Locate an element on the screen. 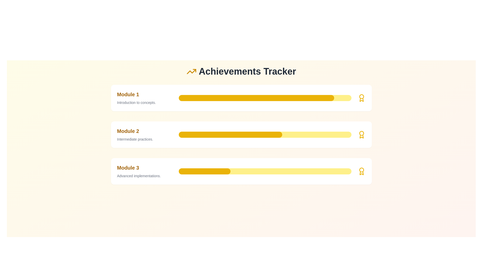  the progress visually by focusing on the horizontal progress bar filled with yellow, located next to 'Module 1' text labels is located at coordinates (256, 98).